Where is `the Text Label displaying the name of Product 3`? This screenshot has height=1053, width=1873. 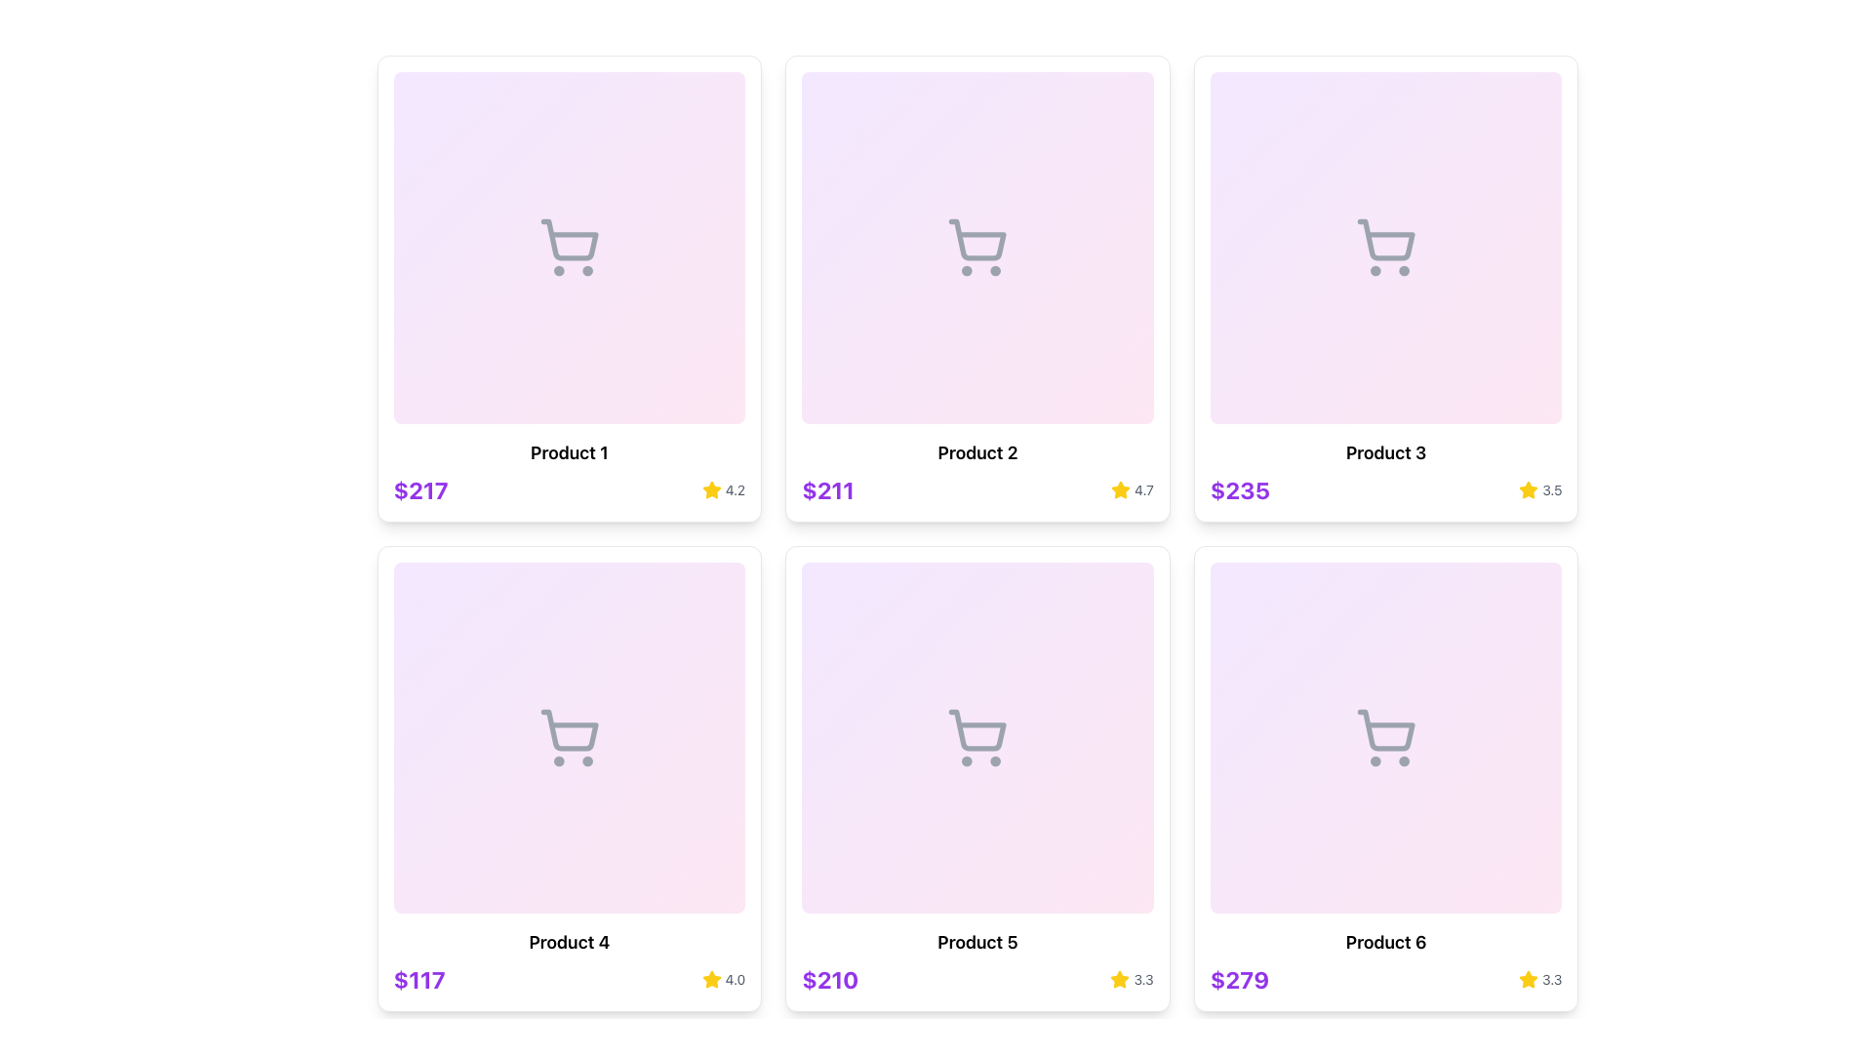 the Text Label displaying the name of Product 3 is located at coordinates (1385, 452).